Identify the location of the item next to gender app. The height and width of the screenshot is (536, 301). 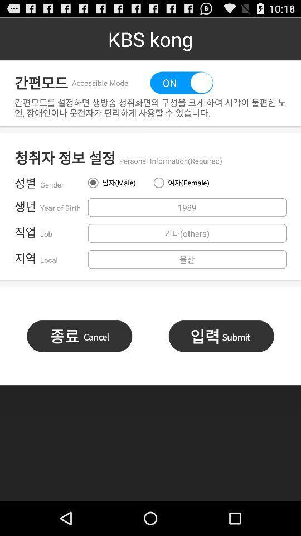
(116, 183).